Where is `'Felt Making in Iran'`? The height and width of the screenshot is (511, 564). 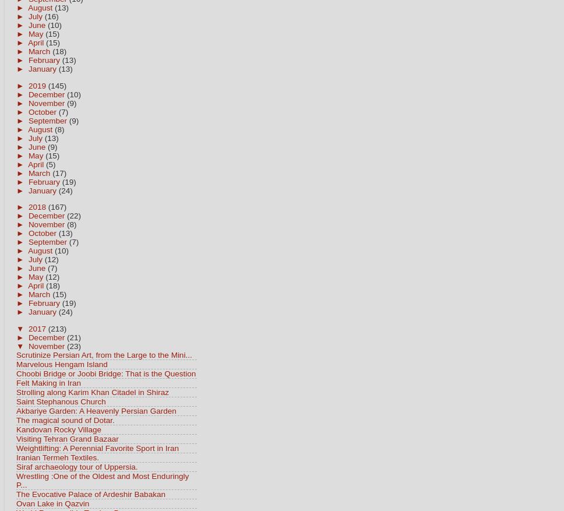
'Felt Making in Iran' is located at coordinates (48, 382).